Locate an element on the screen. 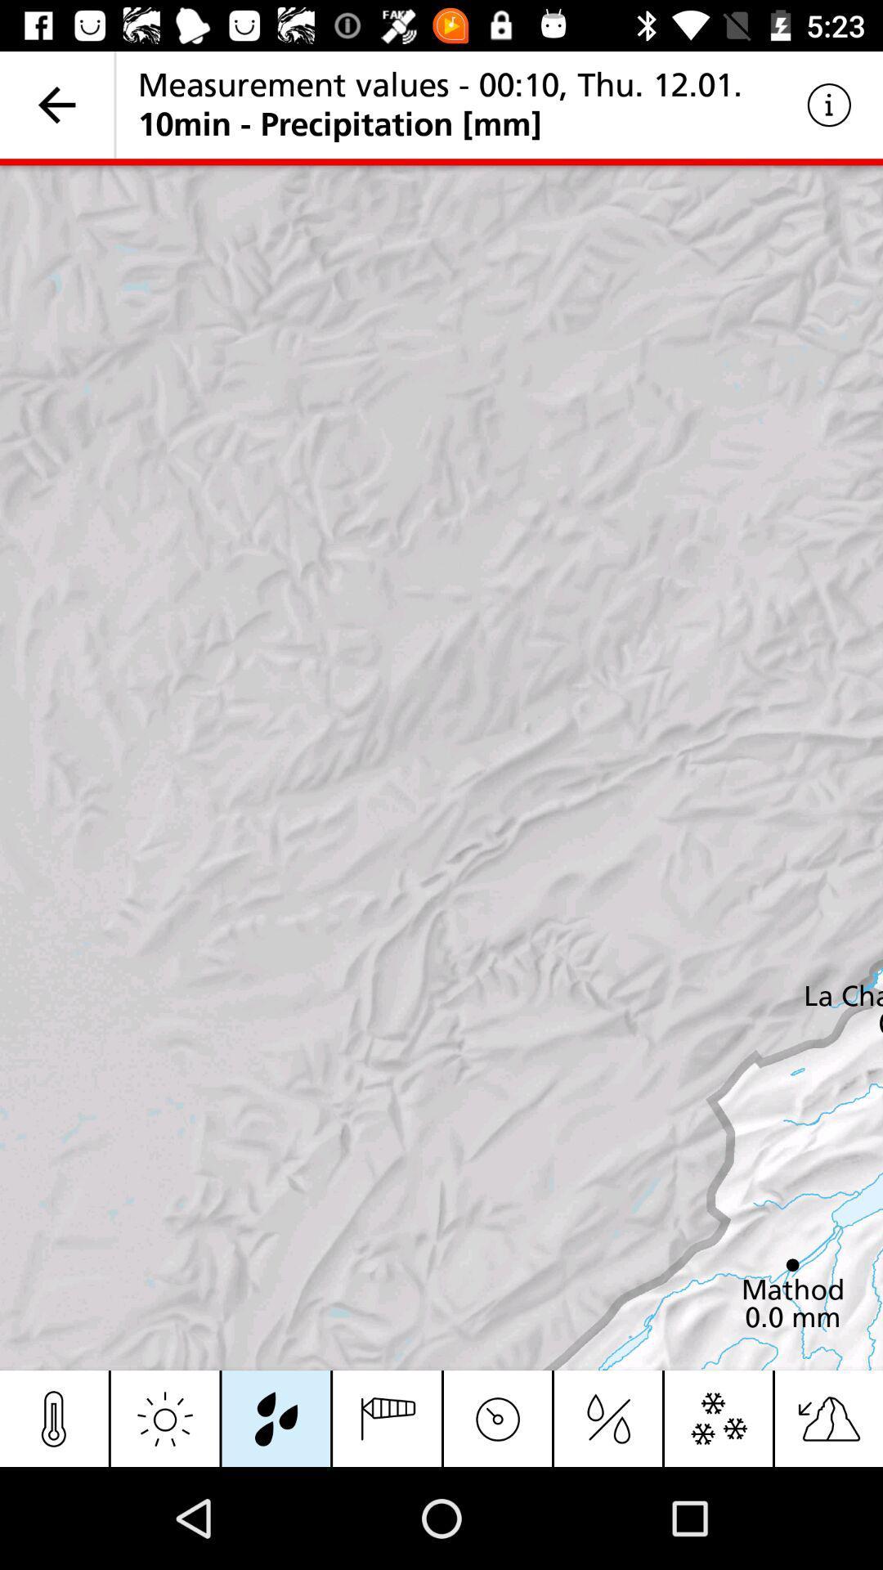 This screenshot has width=883, height=1570. item next to measurement values 00 item is located at coordinates (56, 104).